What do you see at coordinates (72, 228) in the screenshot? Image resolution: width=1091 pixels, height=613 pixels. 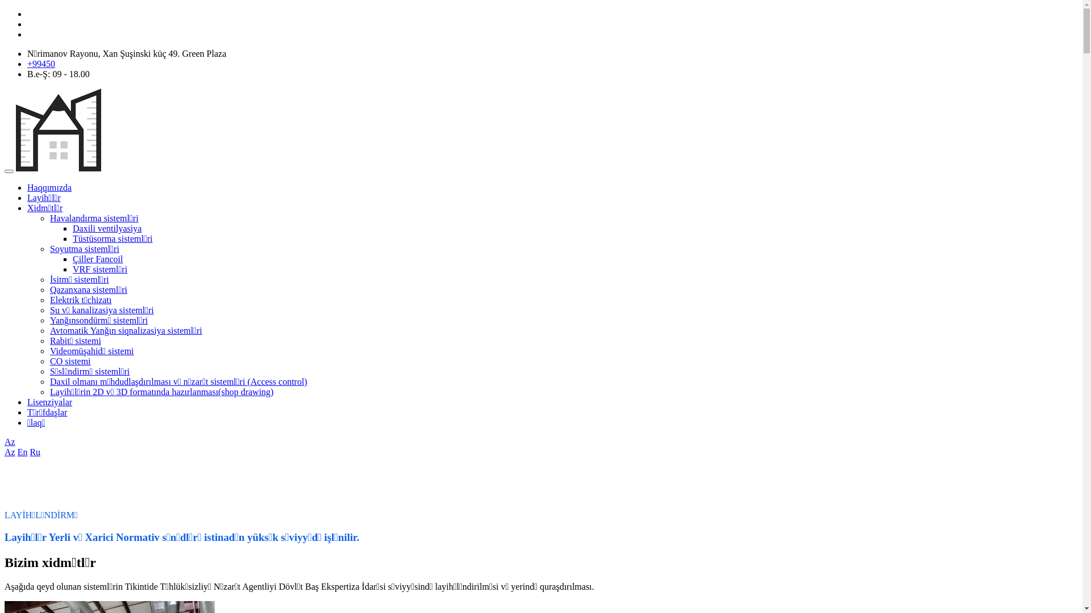 I see `'Daxili ventilyasiya'` at bounding box center [72, 228].